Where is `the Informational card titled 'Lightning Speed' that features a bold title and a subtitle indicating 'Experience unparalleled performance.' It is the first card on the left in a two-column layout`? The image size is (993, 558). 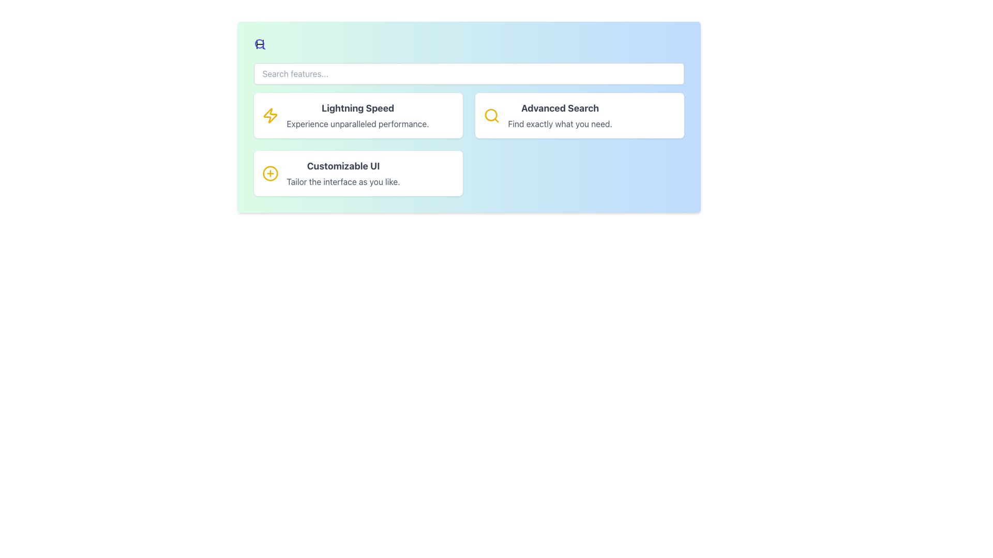 the Informational card titled 'Lightning Speed' that features a bold title and a subtitle indicating 'Experience unparalleled performance.' It is the first card on the left in a two-column layout is located at coordinates (358, 115).